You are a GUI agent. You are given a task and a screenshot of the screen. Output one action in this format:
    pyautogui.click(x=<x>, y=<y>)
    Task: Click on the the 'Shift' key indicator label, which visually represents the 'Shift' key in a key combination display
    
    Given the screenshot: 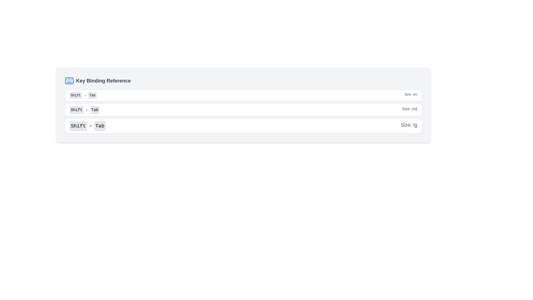 What is the action you would take?
    pyautogui.click(x=76, y=110)
    